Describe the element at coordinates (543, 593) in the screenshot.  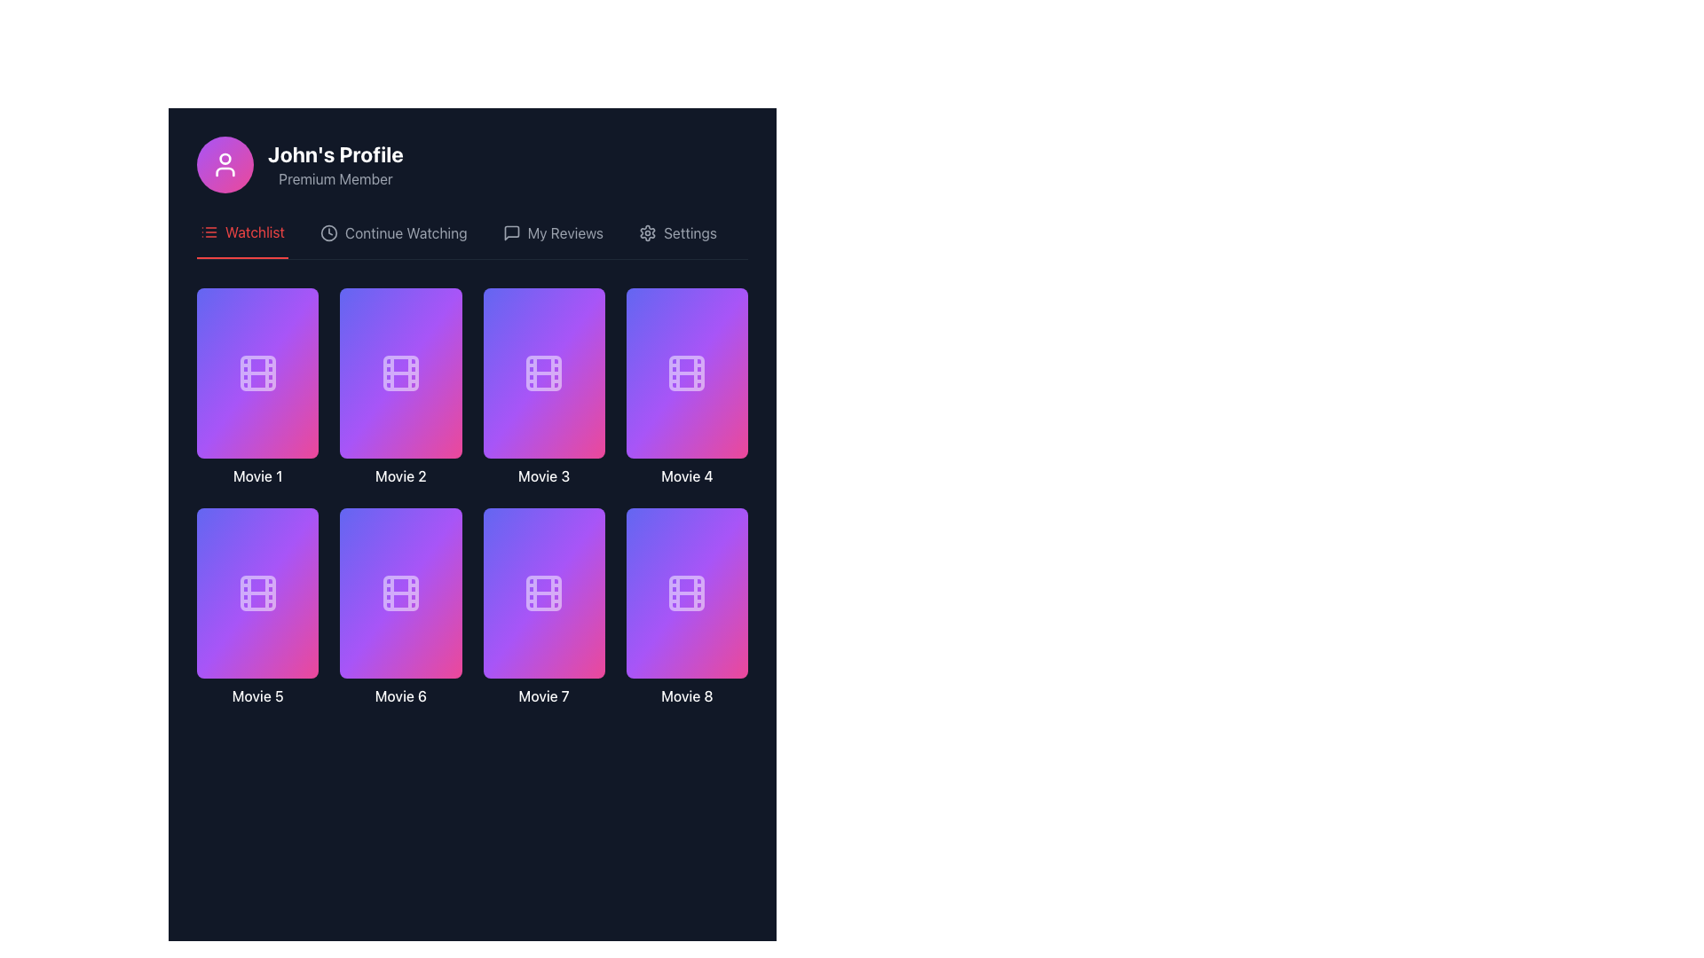
I see `the Movie 7 icon, which is a square with rounded edges featuring a filmstrip motif, located in the third row and first column of the grid layout` at that location.